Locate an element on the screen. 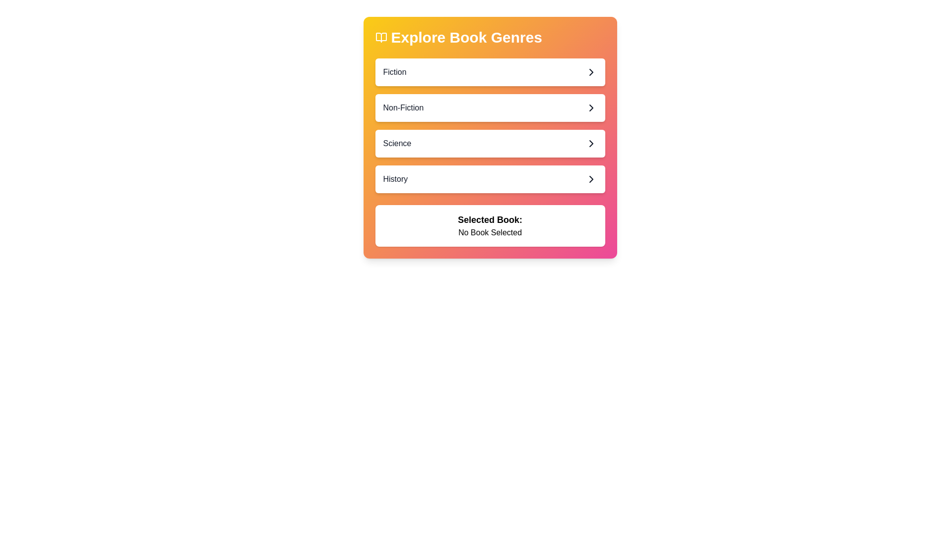 Image resolution: width=951 pixels, height=535 pixels. the small, right-pointing arrow icon at the far-right end of the 'History' item in the menu is located at coordinates (591, 179).